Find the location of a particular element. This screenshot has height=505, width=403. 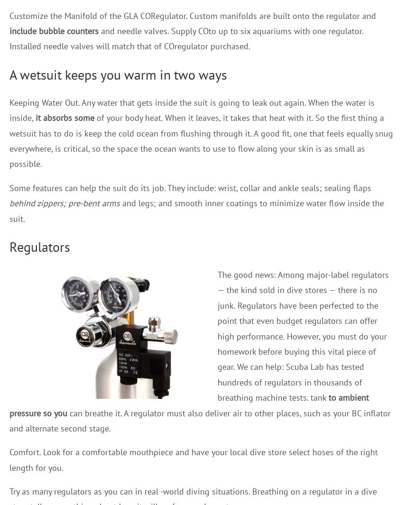

'include bubble counters' is located at coordinates (53, 30).